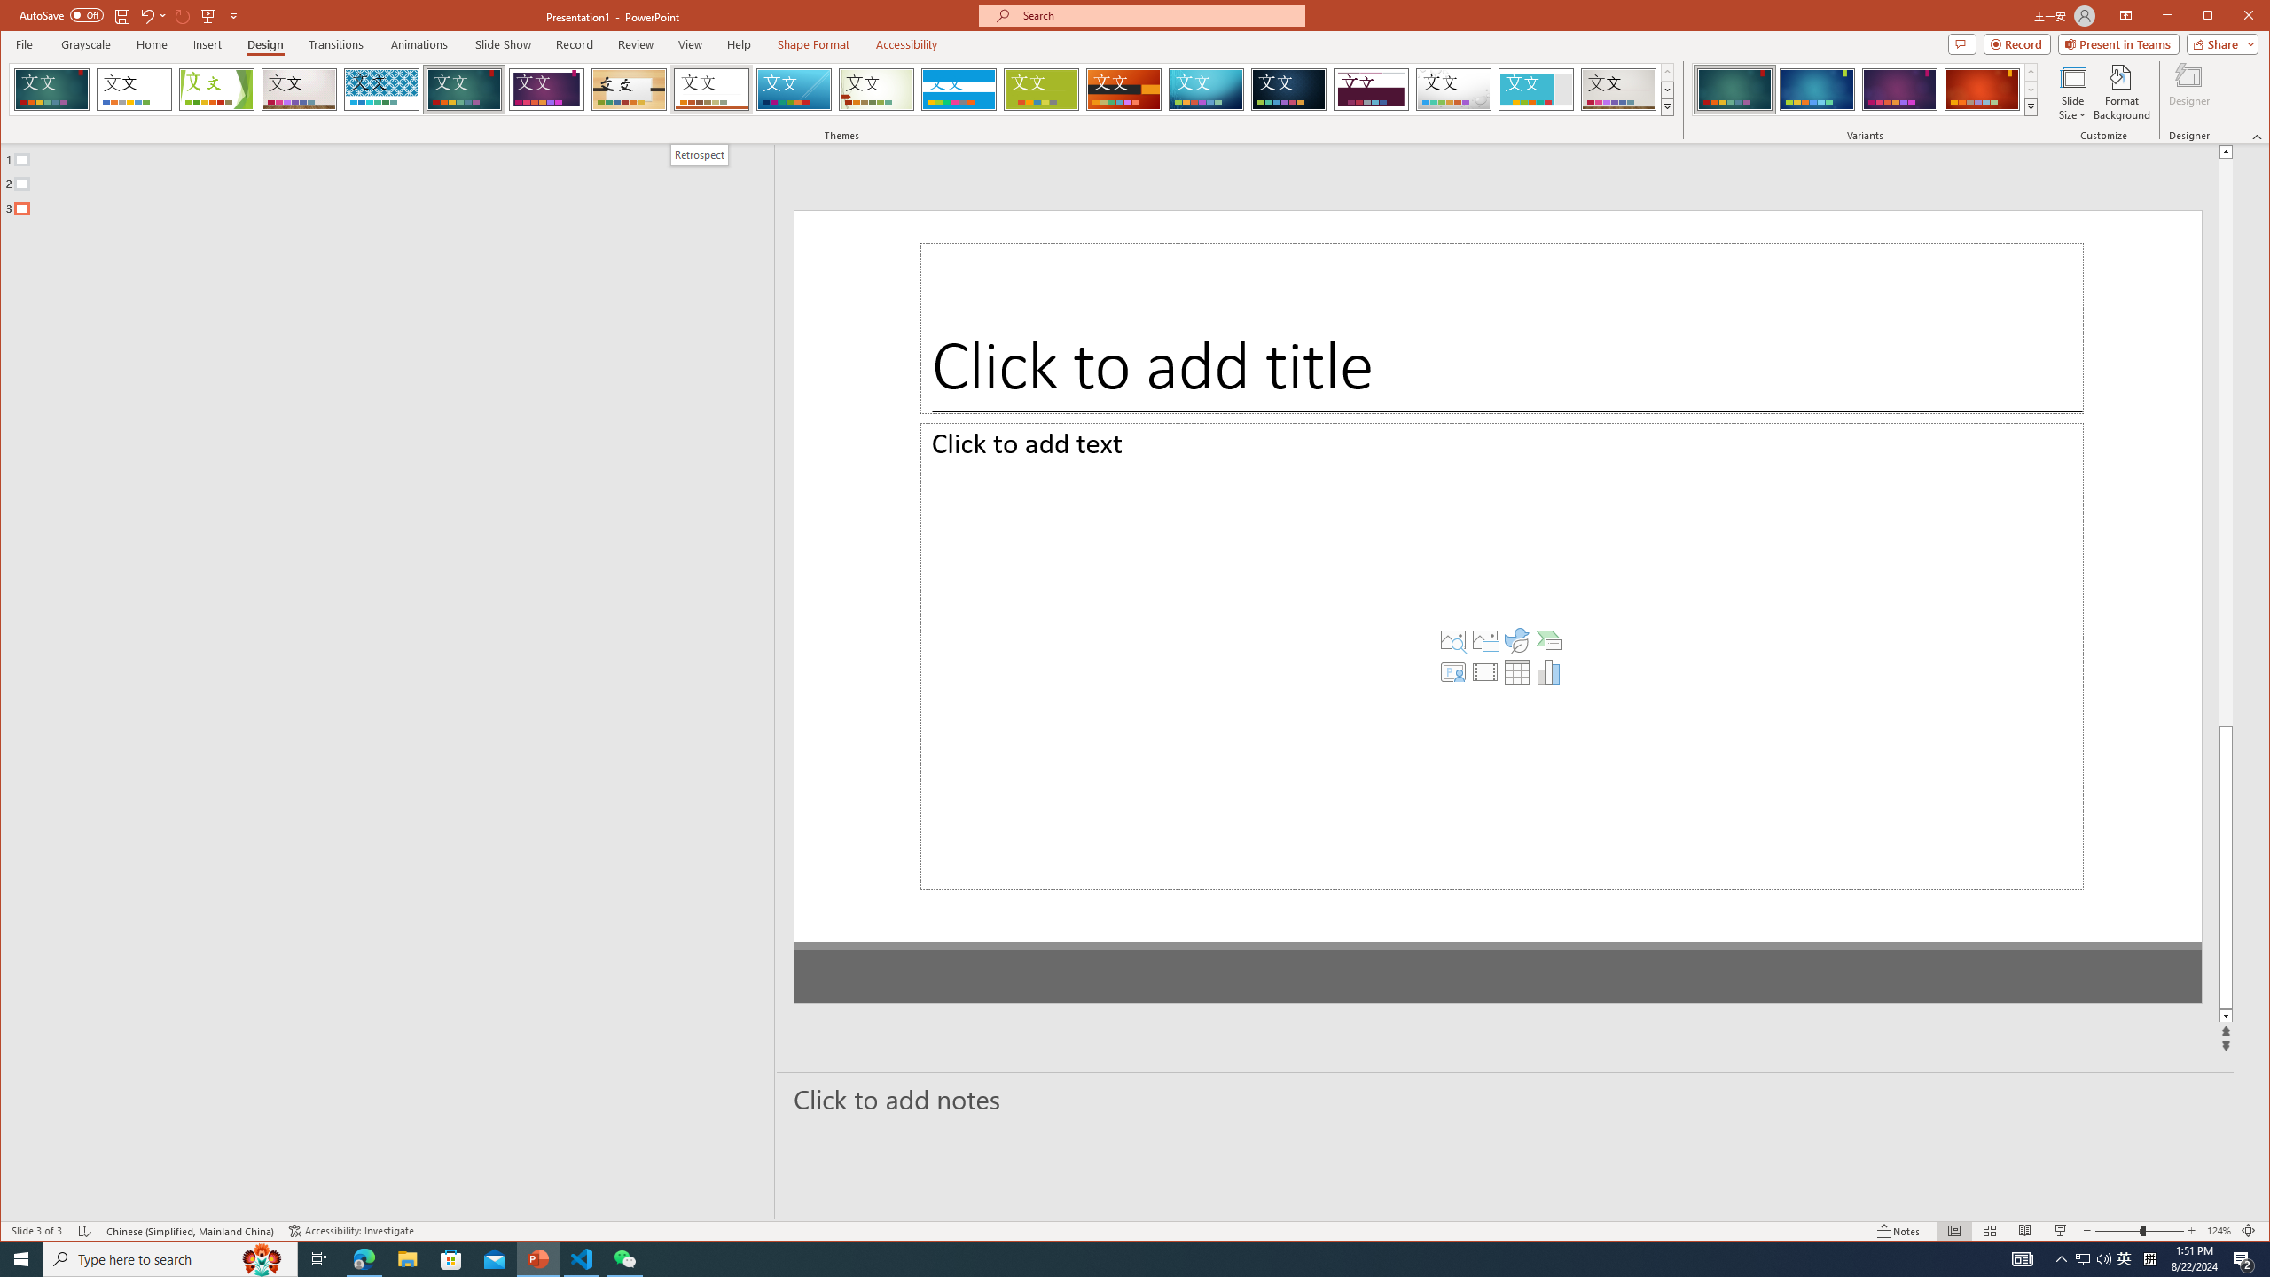  What do you see at coordinates (394, 179) in the screenshot?
I see `'Outline'` at bounding box center [394, 179].